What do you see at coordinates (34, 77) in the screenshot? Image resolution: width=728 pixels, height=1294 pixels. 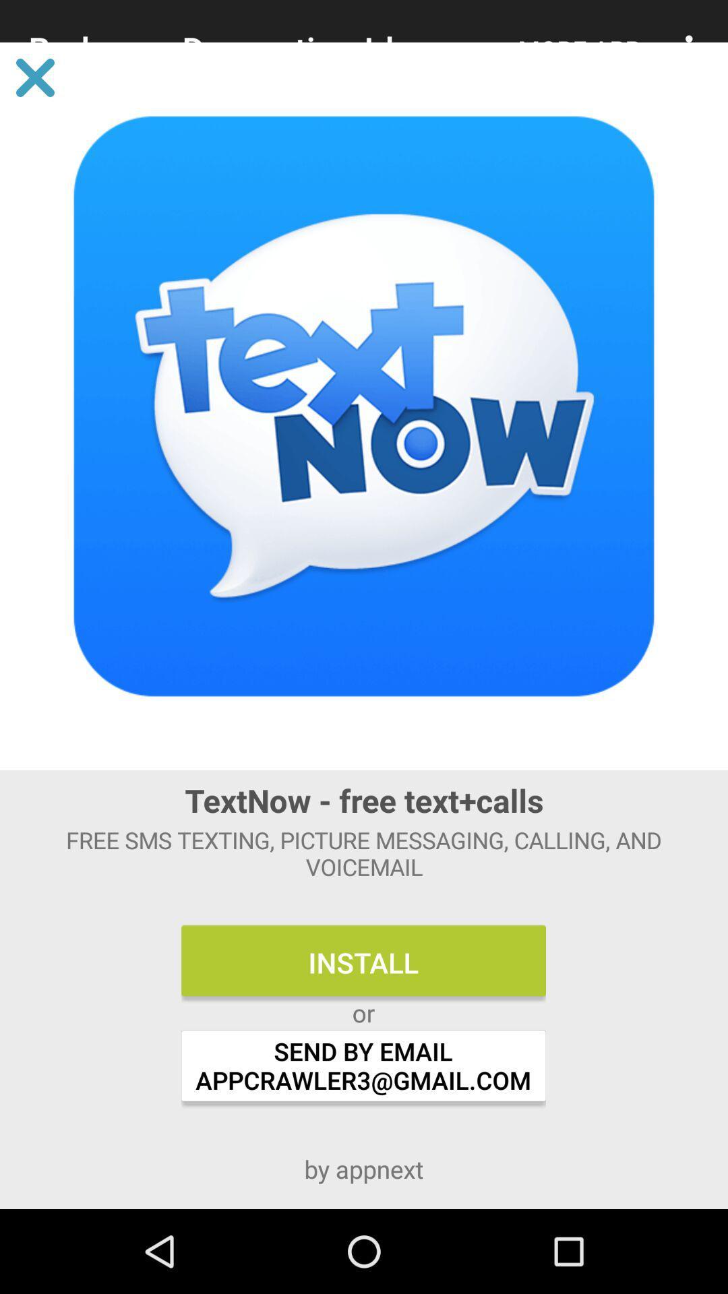 I see `the close icon` at bounding box center [34, 77].